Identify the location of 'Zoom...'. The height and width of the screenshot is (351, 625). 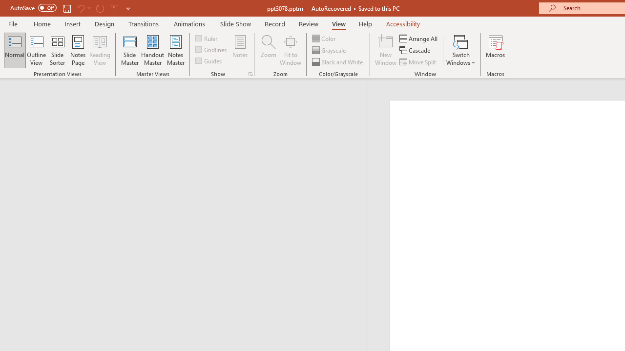
(268, 50).